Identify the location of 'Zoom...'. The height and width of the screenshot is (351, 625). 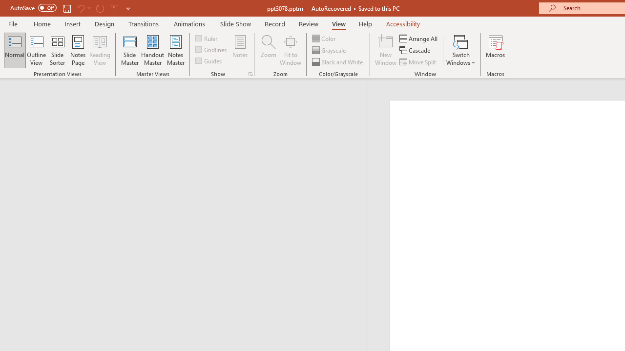
(268, 50).